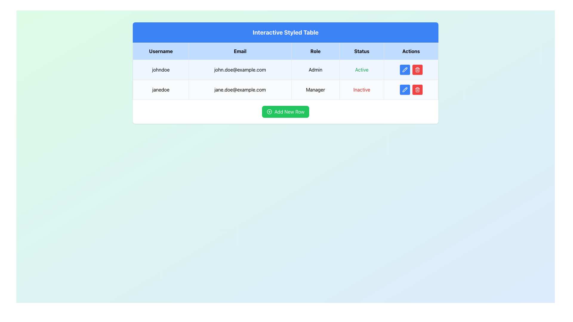  I want to click on the editing button icon in the 'Actions' column of the second row of the table, so click(405, 69).